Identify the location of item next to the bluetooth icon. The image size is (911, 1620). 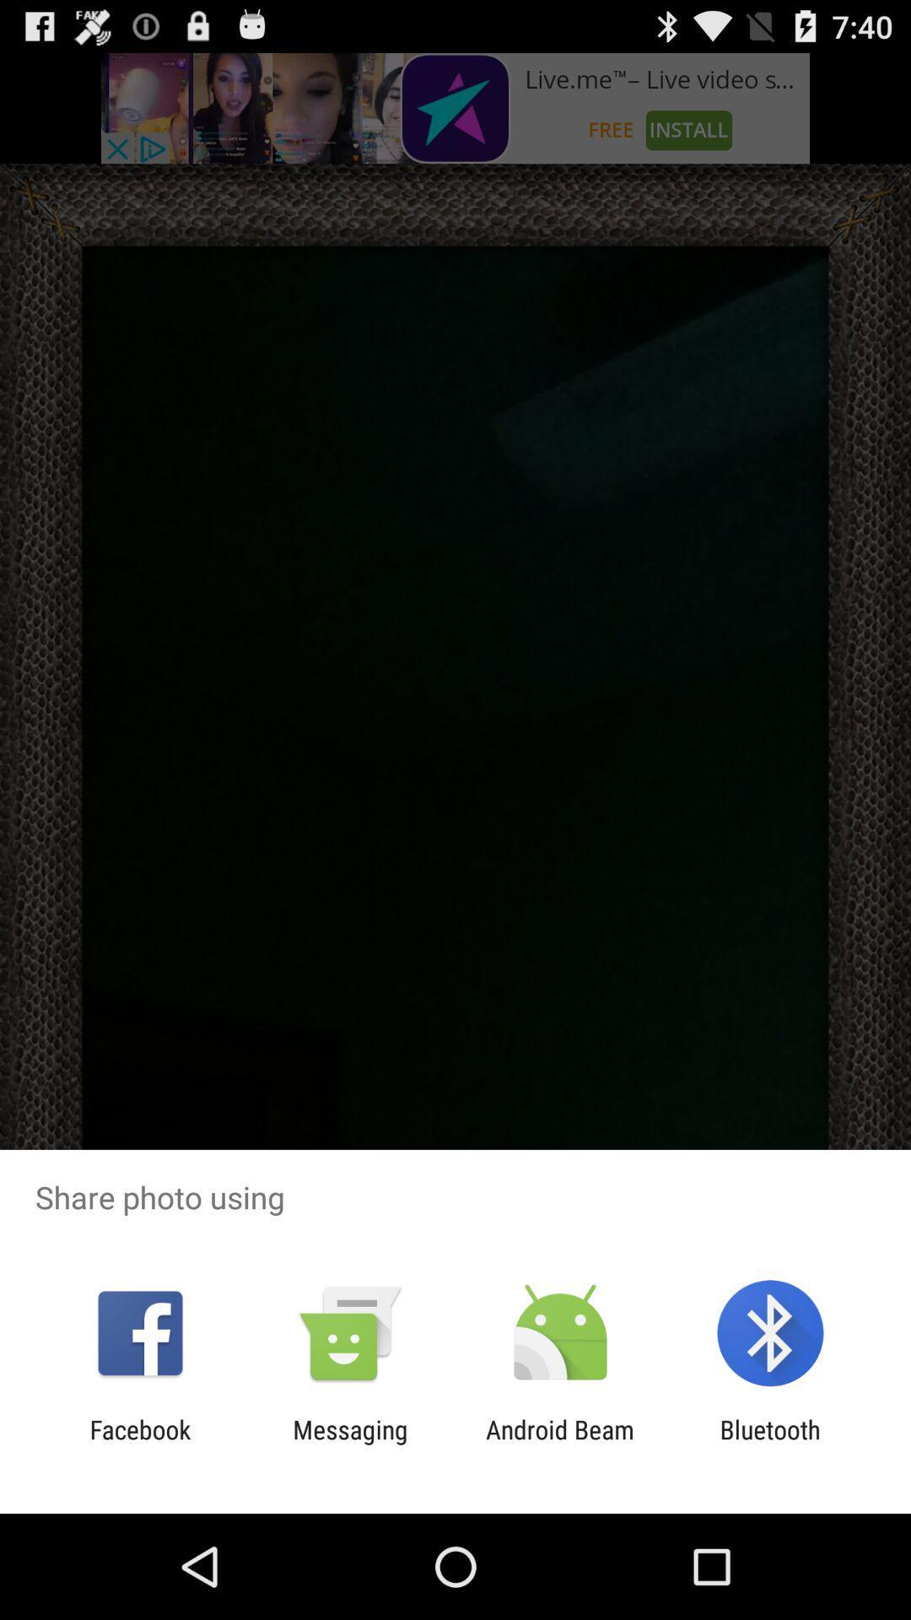
(560, 1444).